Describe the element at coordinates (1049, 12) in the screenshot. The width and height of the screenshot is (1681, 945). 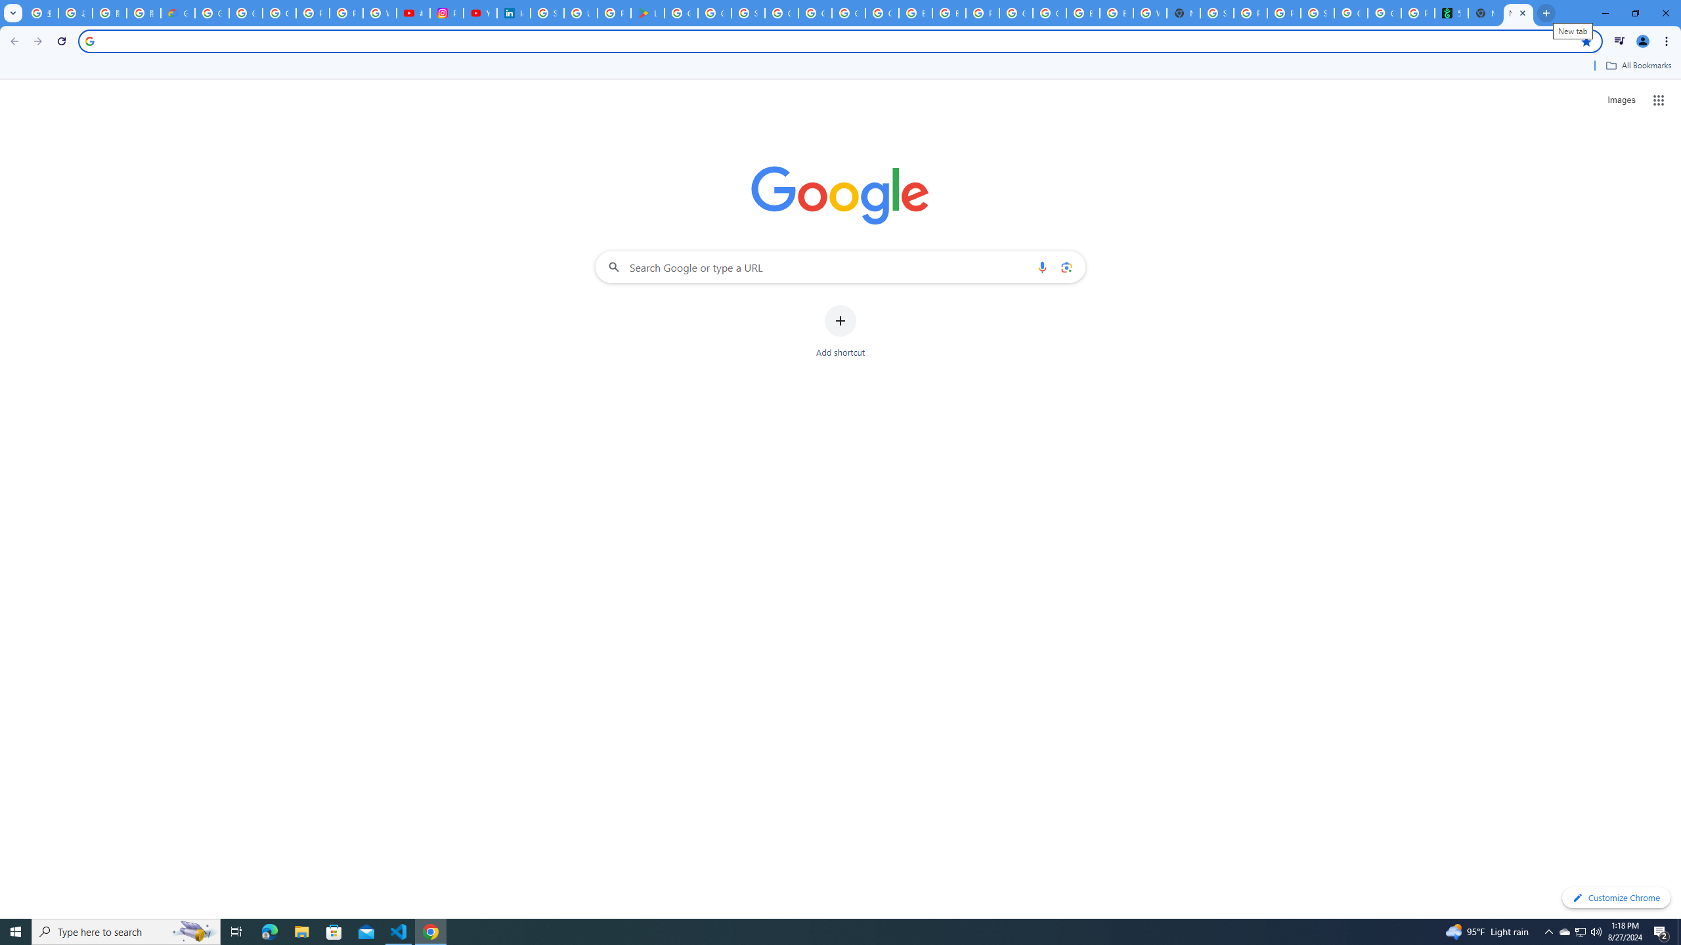
I see `'Google Cloud Platform'` at that location.